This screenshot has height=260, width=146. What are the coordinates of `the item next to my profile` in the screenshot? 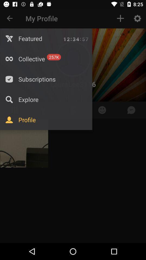 It's located at (10, 18).